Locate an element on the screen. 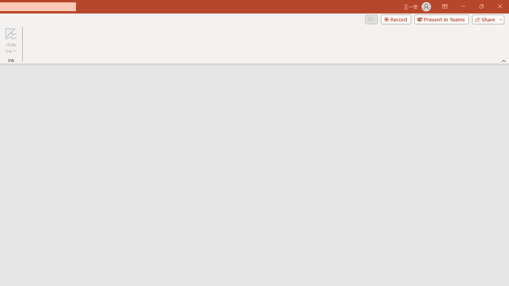  'More Options' is located at coordinates (11, 48).